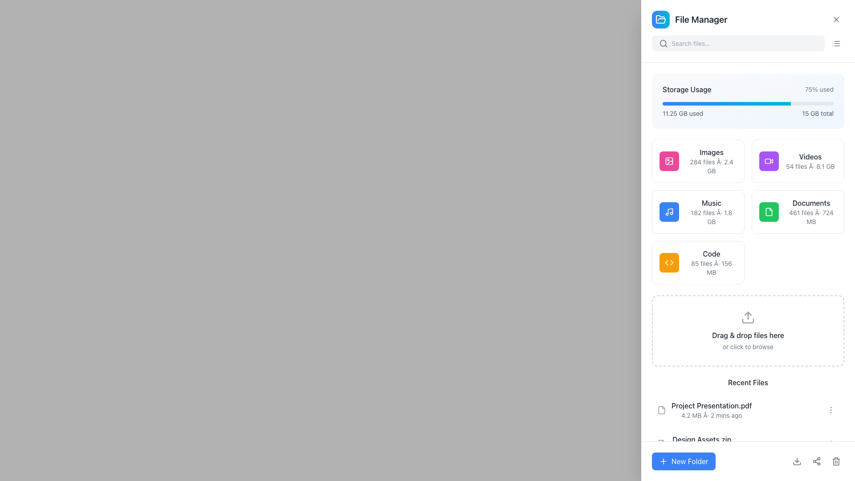 The width and height of the screenshot is (855, 481). Describe the element at coordinates (701, 439) in the screenshot. I see `text label displaying 'Design Assets.zip' located in the 'Recent Files' section of the file manager interface` at that location.